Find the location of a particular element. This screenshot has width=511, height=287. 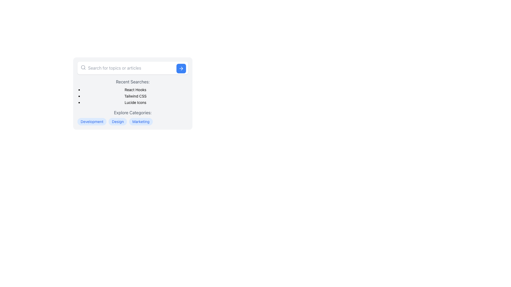

an individual item in the unordered list located below the 'Recent Searches:' title and above the category buttons, centered horizontally in the containing box is located at coordinates (133, 96).